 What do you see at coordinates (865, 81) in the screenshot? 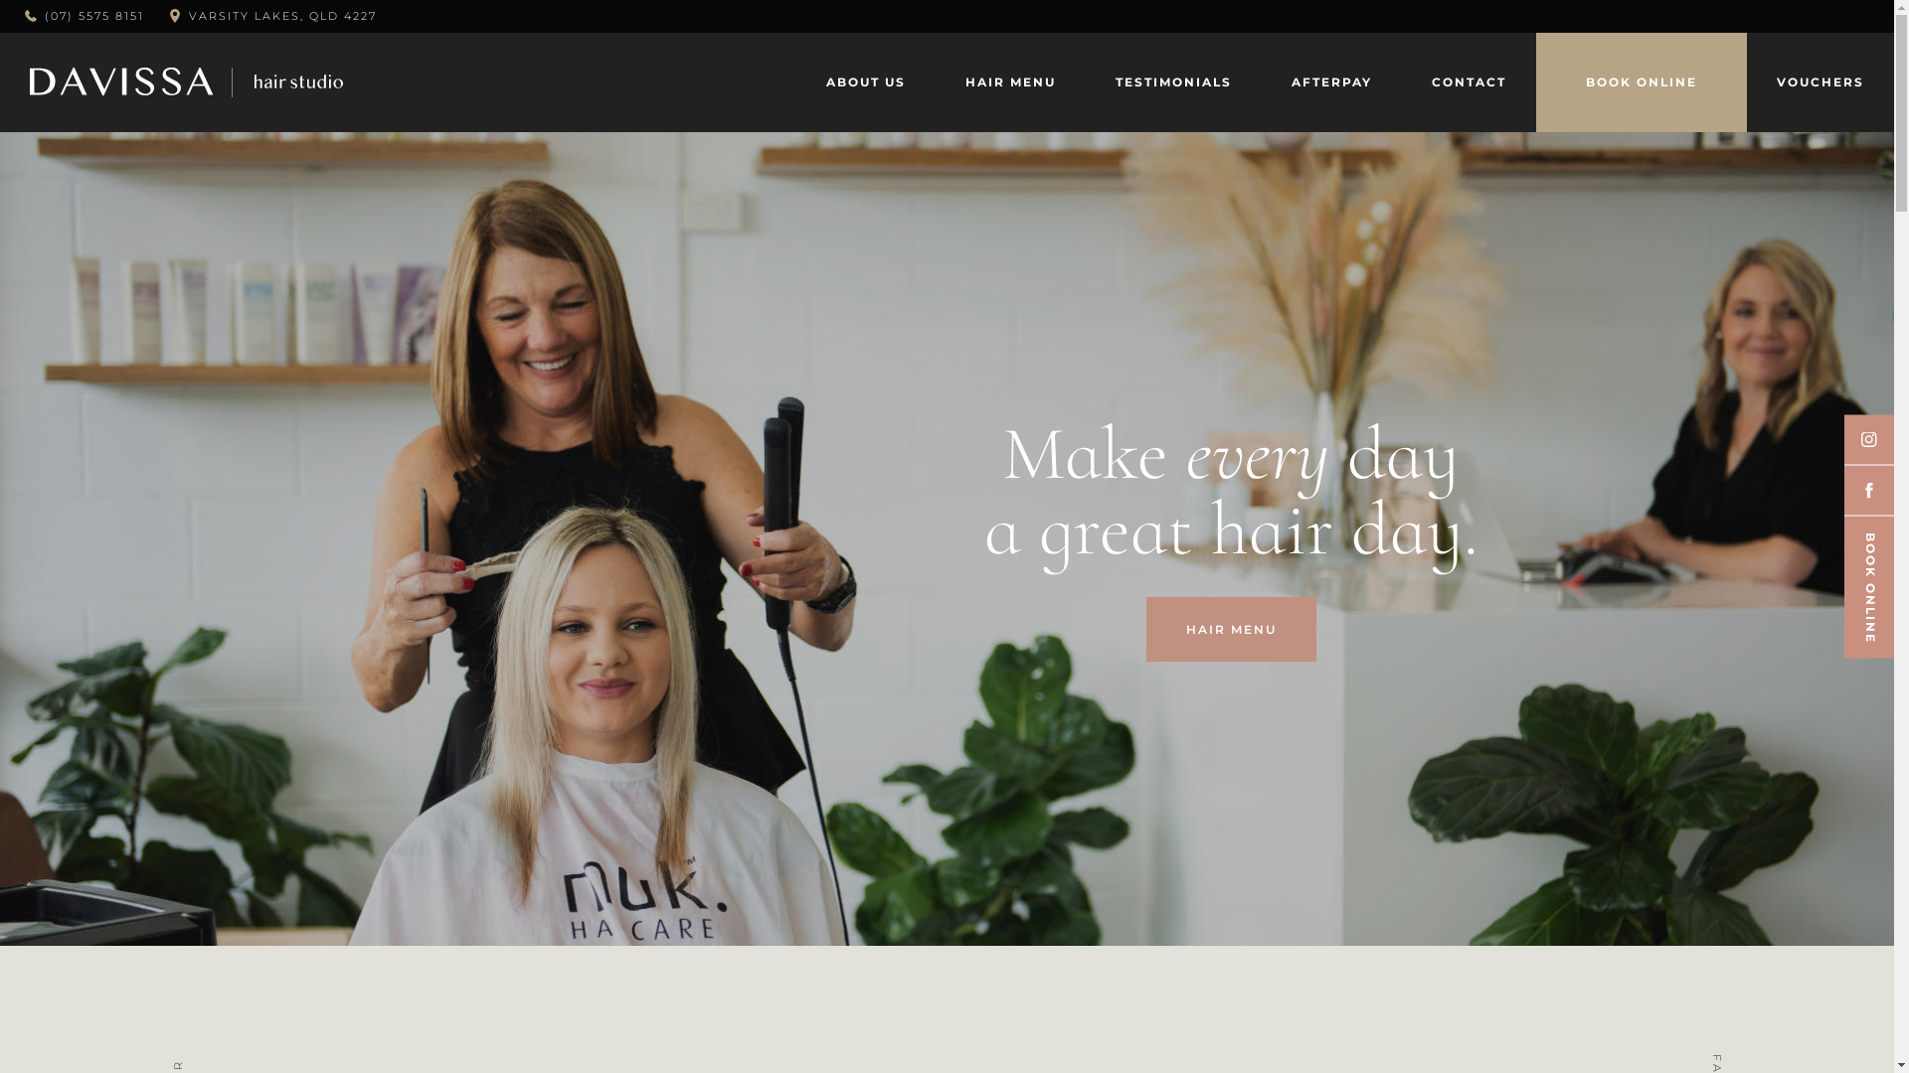
I see `'ABOUT US'` at bounding box center [865, 81].